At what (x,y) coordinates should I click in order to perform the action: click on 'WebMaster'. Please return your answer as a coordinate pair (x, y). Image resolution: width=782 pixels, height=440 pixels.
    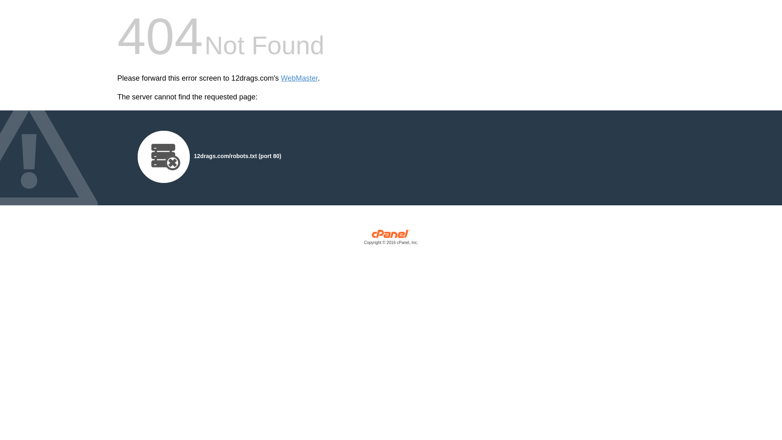
    Looking at the image, I should click on (299, 78).